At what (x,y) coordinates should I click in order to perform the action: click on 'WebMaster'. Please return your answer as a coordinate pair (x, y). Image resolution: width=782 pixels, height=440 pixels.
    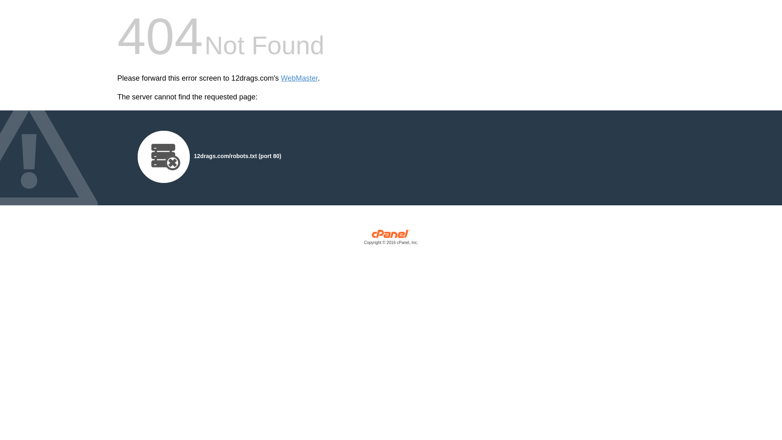
    Looking at the image, I should click on (299, 78).